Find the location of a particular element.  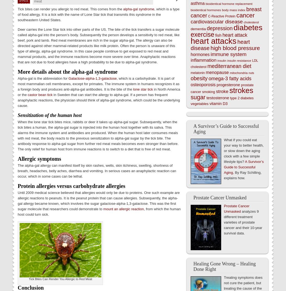

'cholesterol' is located at coordinates (251, 22).